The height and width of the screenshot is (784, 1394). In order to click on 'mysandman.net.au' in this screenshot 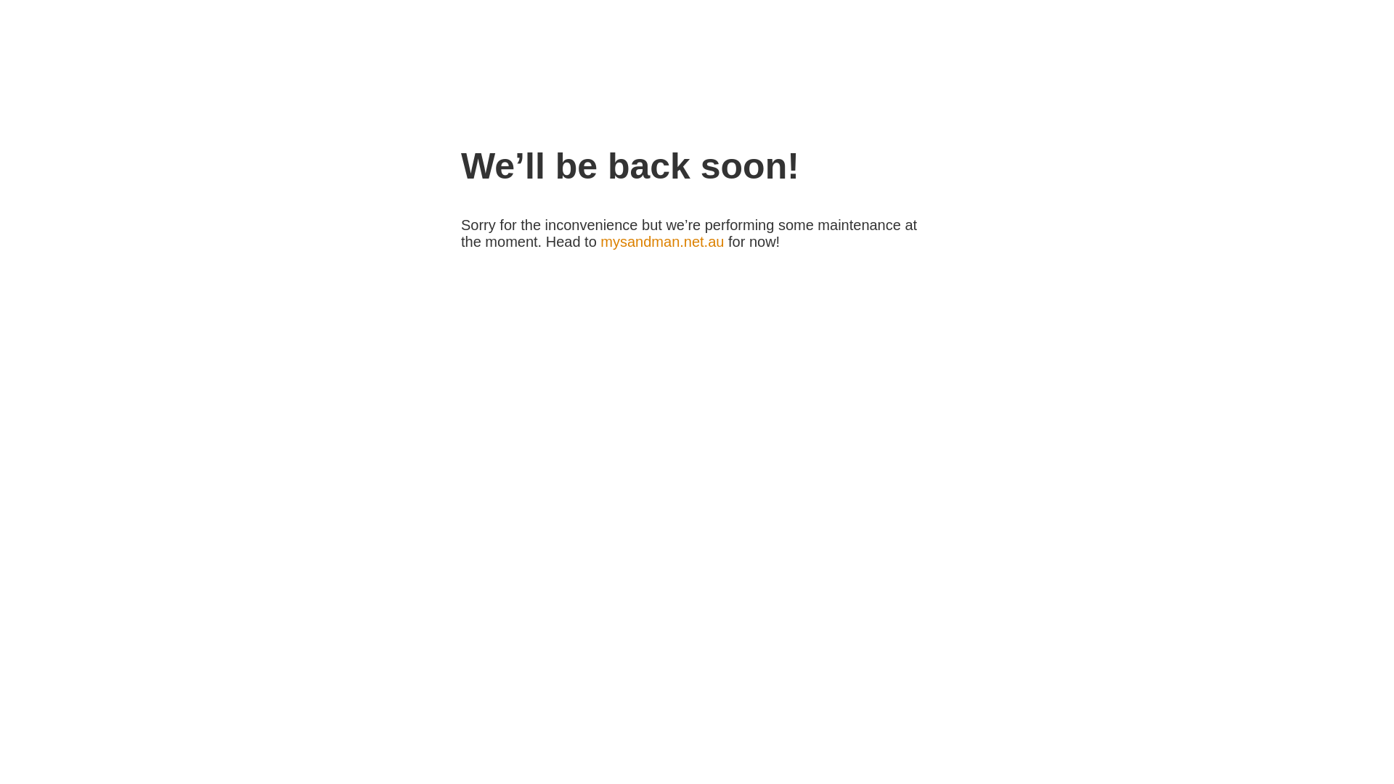, I will do `click(600, 240)`.